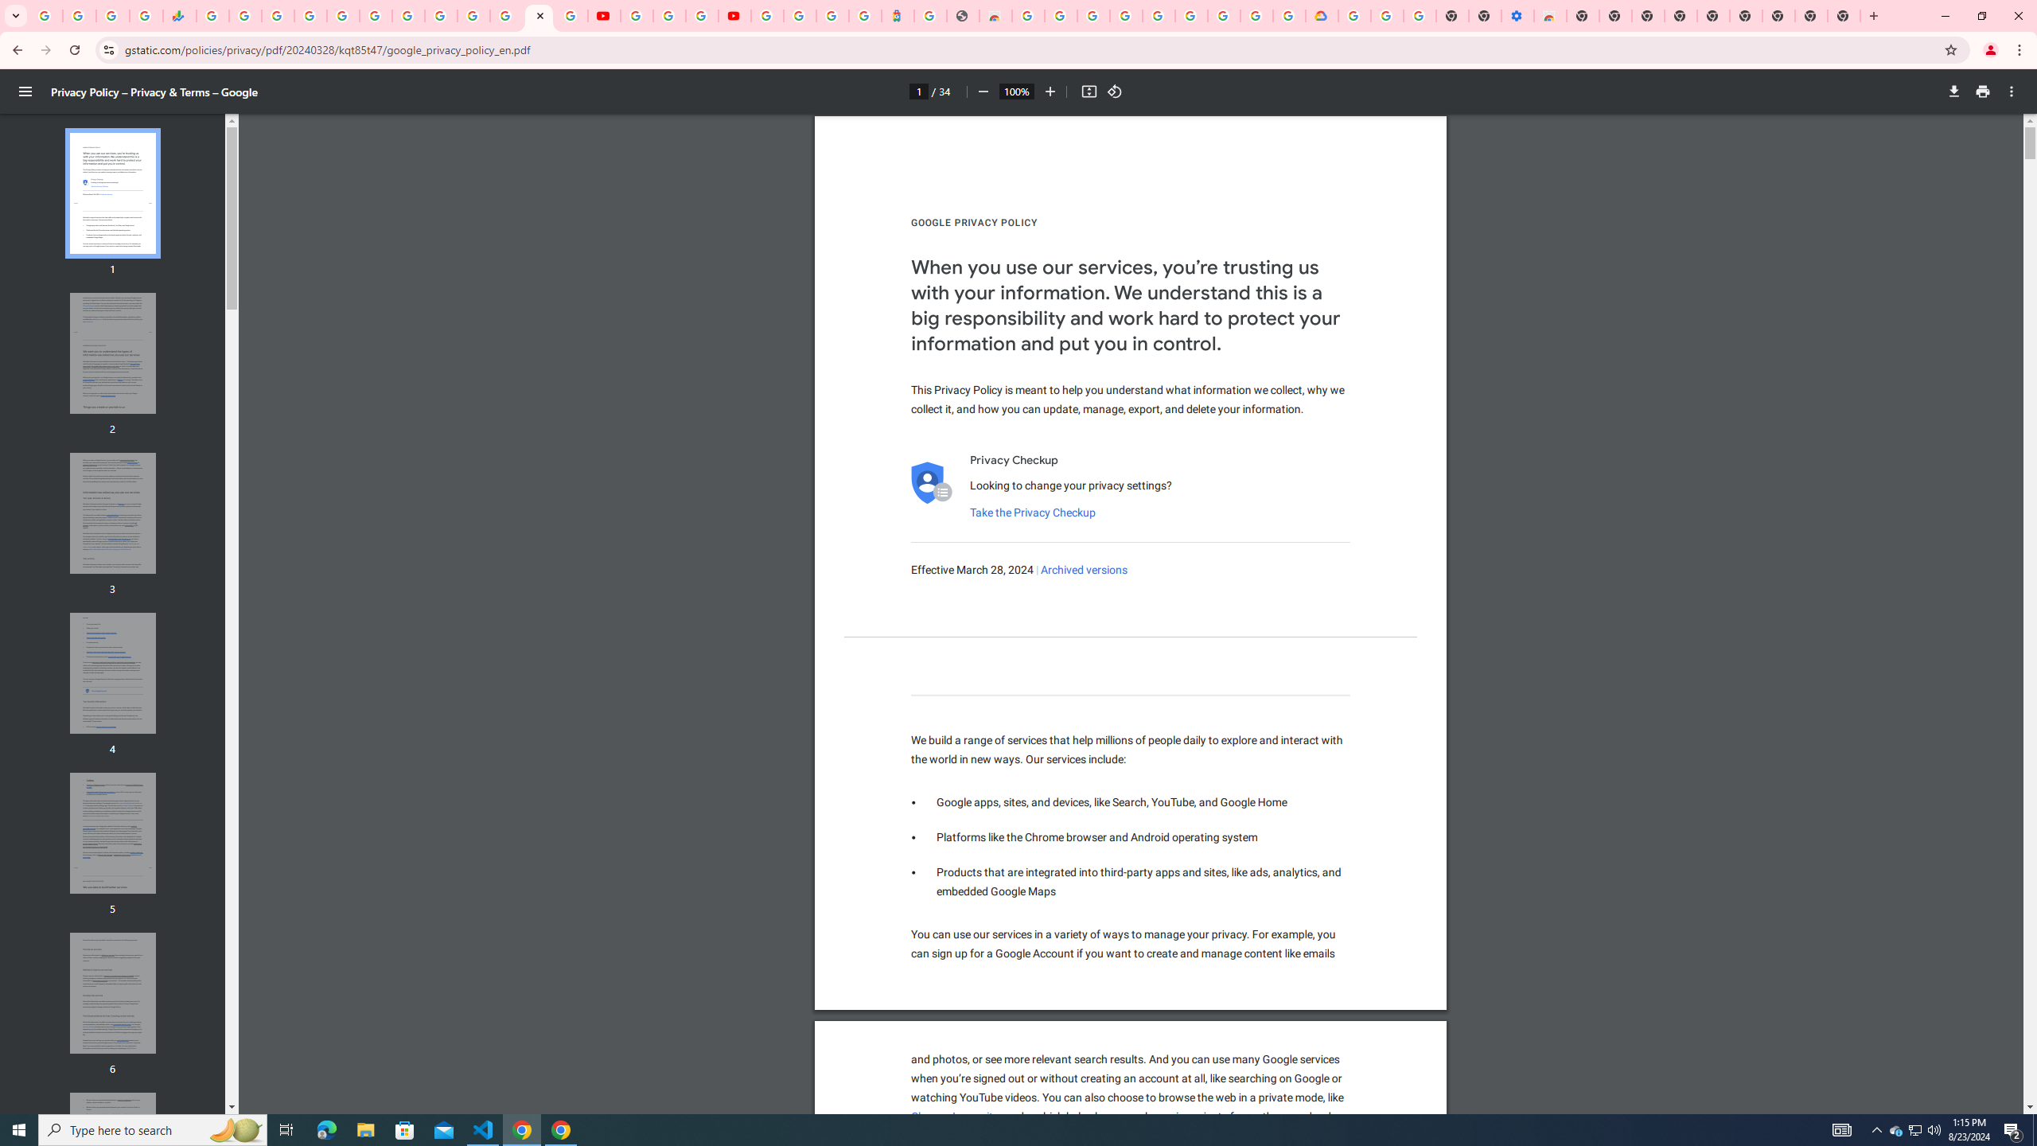  Describe the element at coordinates (113, 1146) in the screenshot. I see `'Thumbnail for page 7'` at that location.